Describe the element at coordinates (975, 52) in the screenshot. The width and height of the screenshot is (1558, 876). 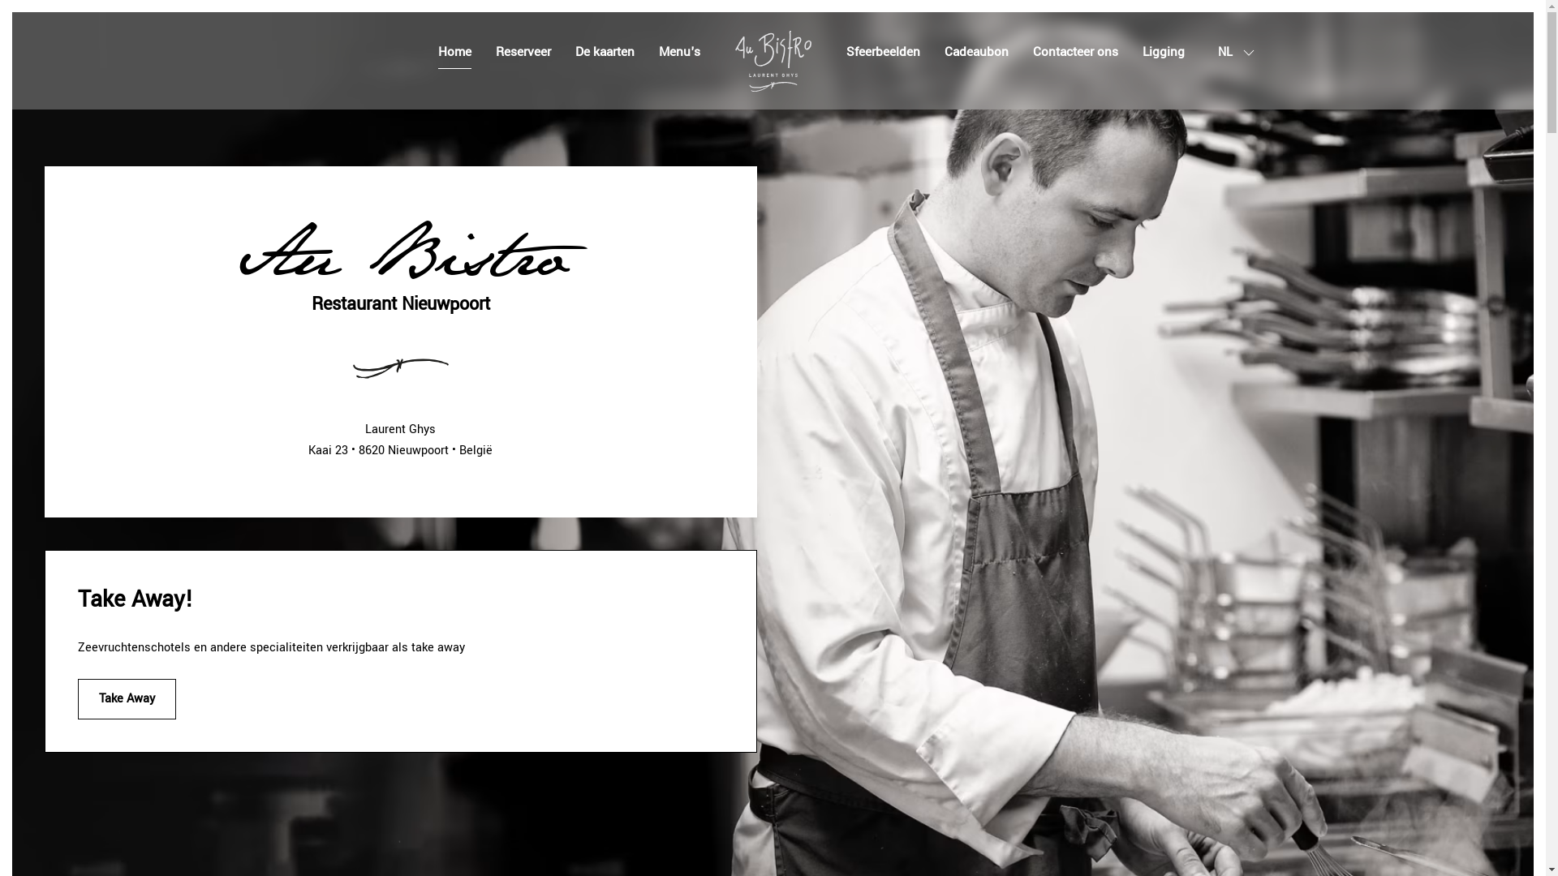
I see `'Cadeaubon'` at that location.